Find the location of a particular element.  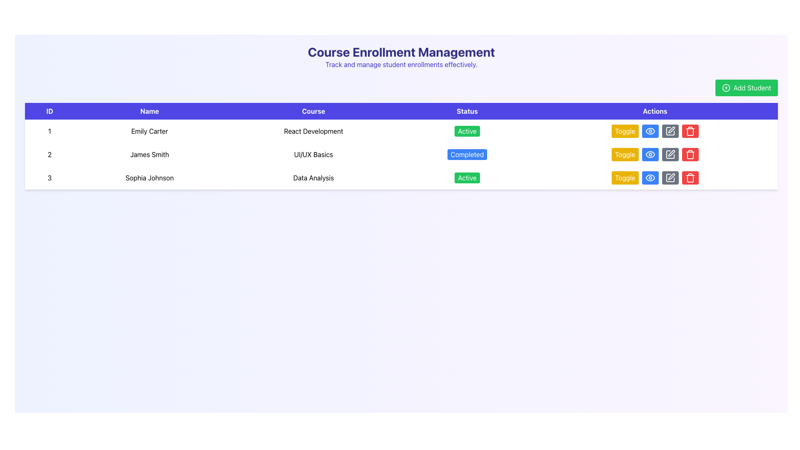

the text label displaying the name 'Sophia Johnson', which is located in the second column of the third row in a tabular layout is located at coordinates (150, 177).